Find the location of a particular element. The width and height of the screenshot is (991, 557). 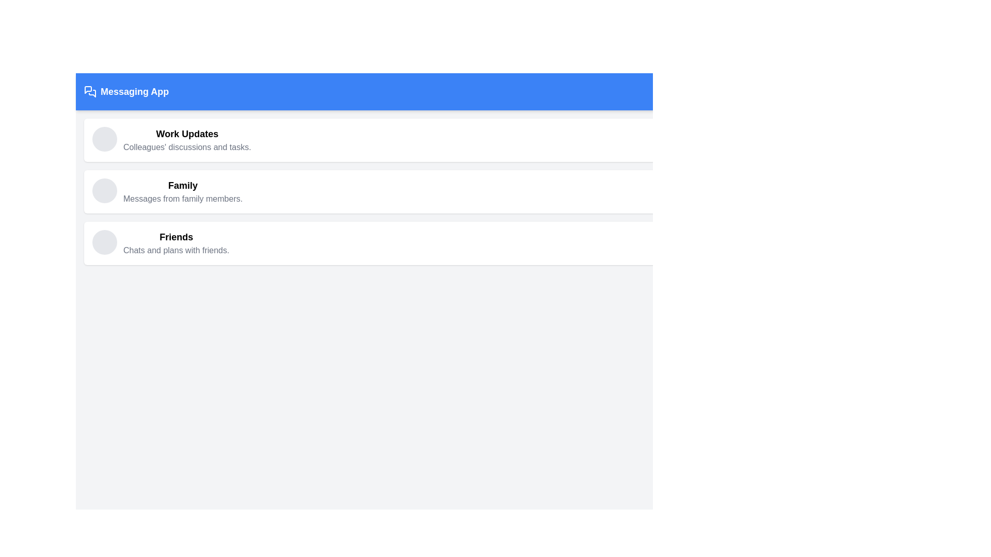

text element serving as the title for the 'Friends' section, located above the descriptive text 'Chats and plans with friends.' is located at coordinates (176, 237).